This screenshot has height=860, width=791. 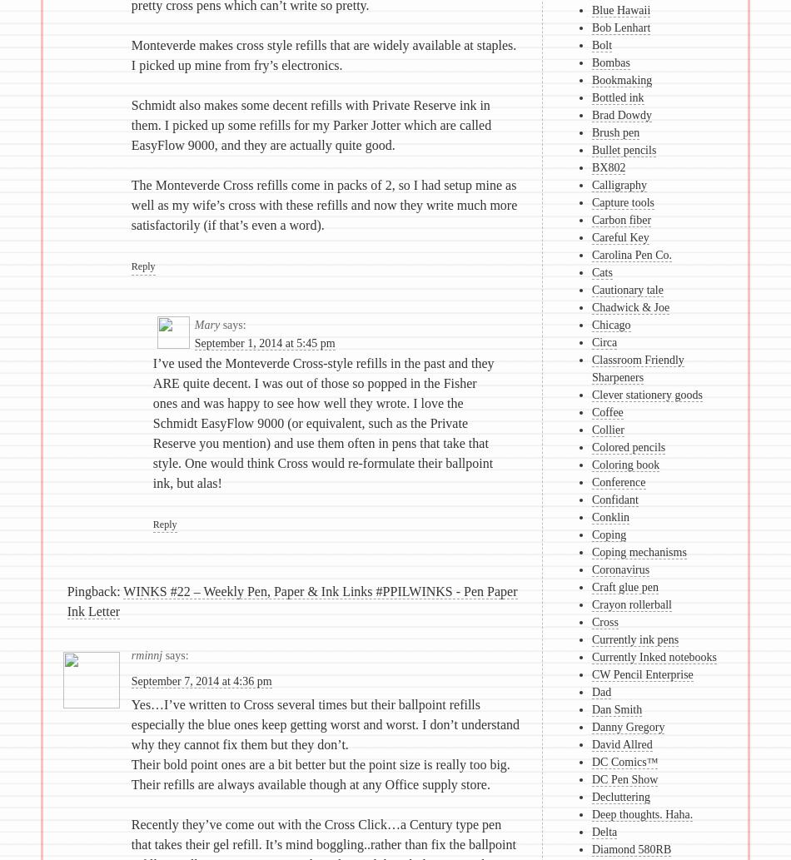 What do you see at coordinates (614, 132) in the screenshot?
I see `'Brush pen'` at bounding box center [614, 132].